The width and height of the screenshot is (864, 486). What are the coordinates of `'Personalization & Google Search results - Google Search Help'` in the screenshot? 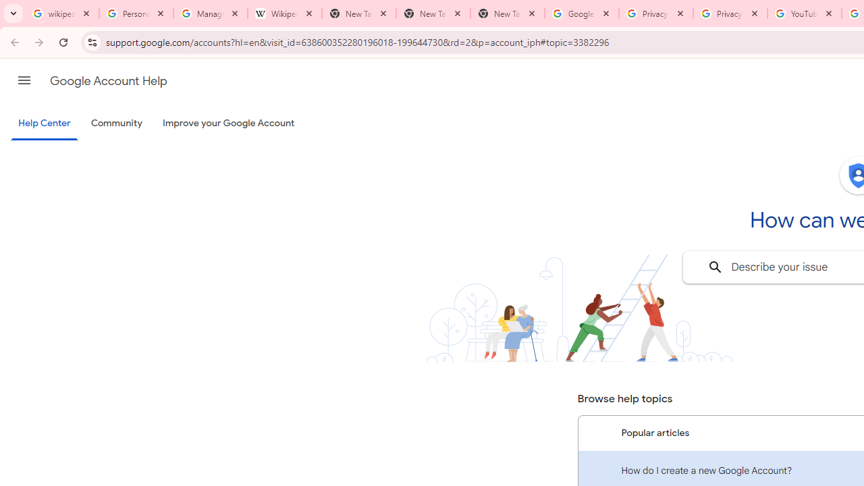 It's located at (136, 13).